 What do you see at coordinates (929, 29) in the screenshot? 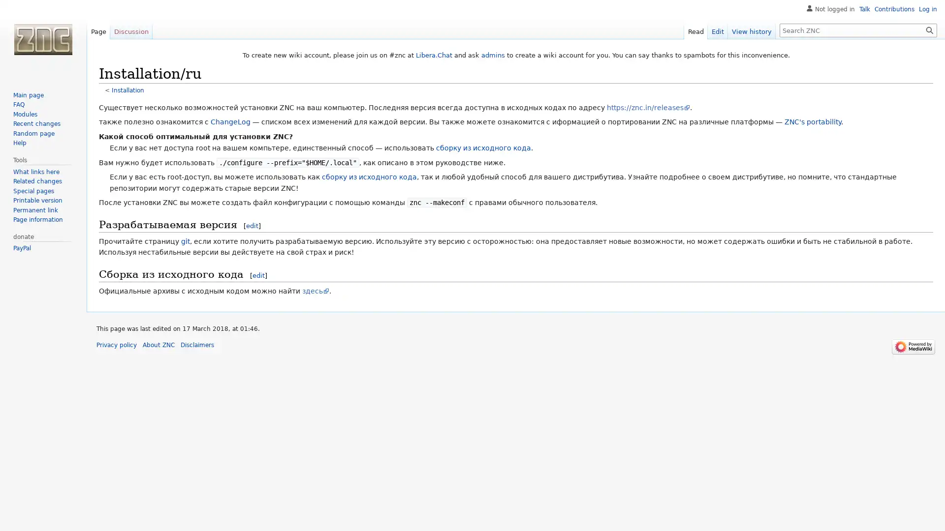
I see `Search` at bounding box center [929, 29].